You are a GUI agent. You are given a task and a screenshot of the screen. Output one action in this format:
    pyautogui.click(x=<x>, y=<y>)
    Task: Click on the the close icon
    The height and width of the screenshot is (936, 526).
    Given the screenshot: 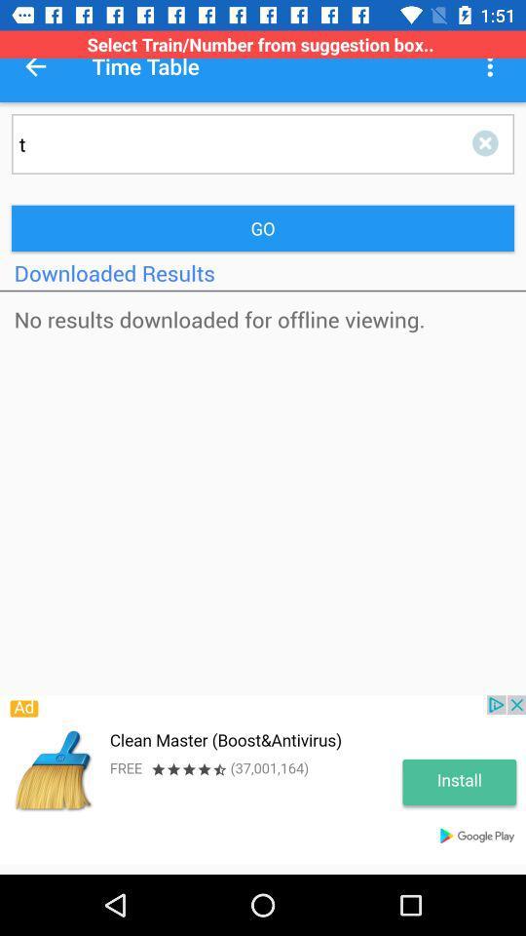 What is the action you would take?
    pyautogui.click(x=488, y=142)
    